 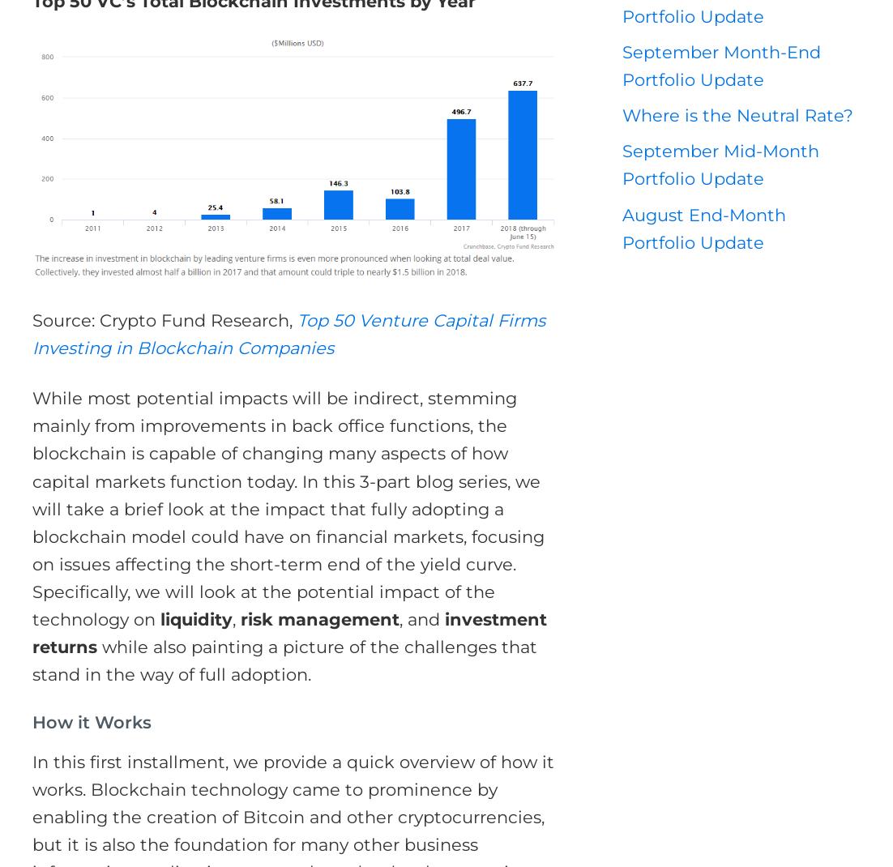 I want to click on 'liquidity', so click(x=195, y=618).